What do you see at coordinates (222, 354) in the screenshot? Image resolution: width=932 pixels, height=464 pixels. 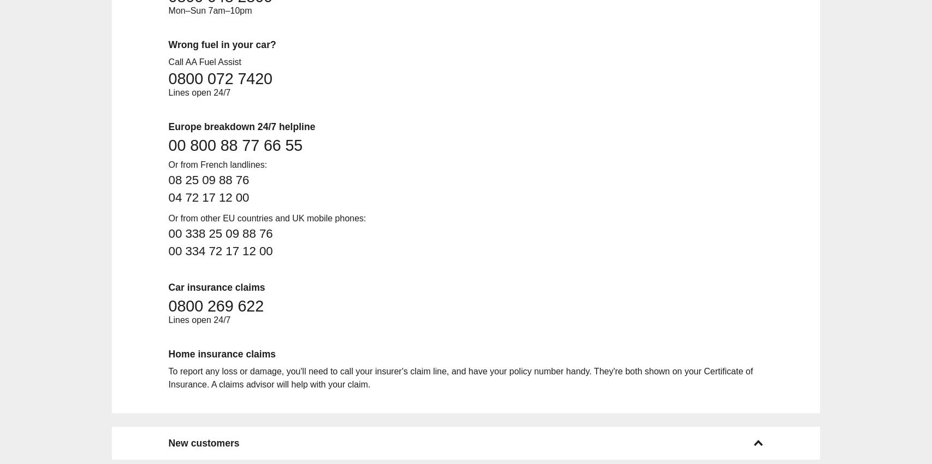 I see `'Home insurance claims'` at bounding box center [222, 354].